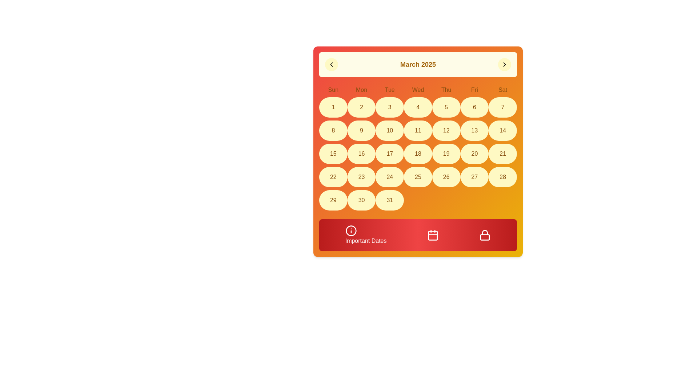  I want to click on the Chevron icon located in the top-left corner of the calendar's navigation header, so click(331, 64).